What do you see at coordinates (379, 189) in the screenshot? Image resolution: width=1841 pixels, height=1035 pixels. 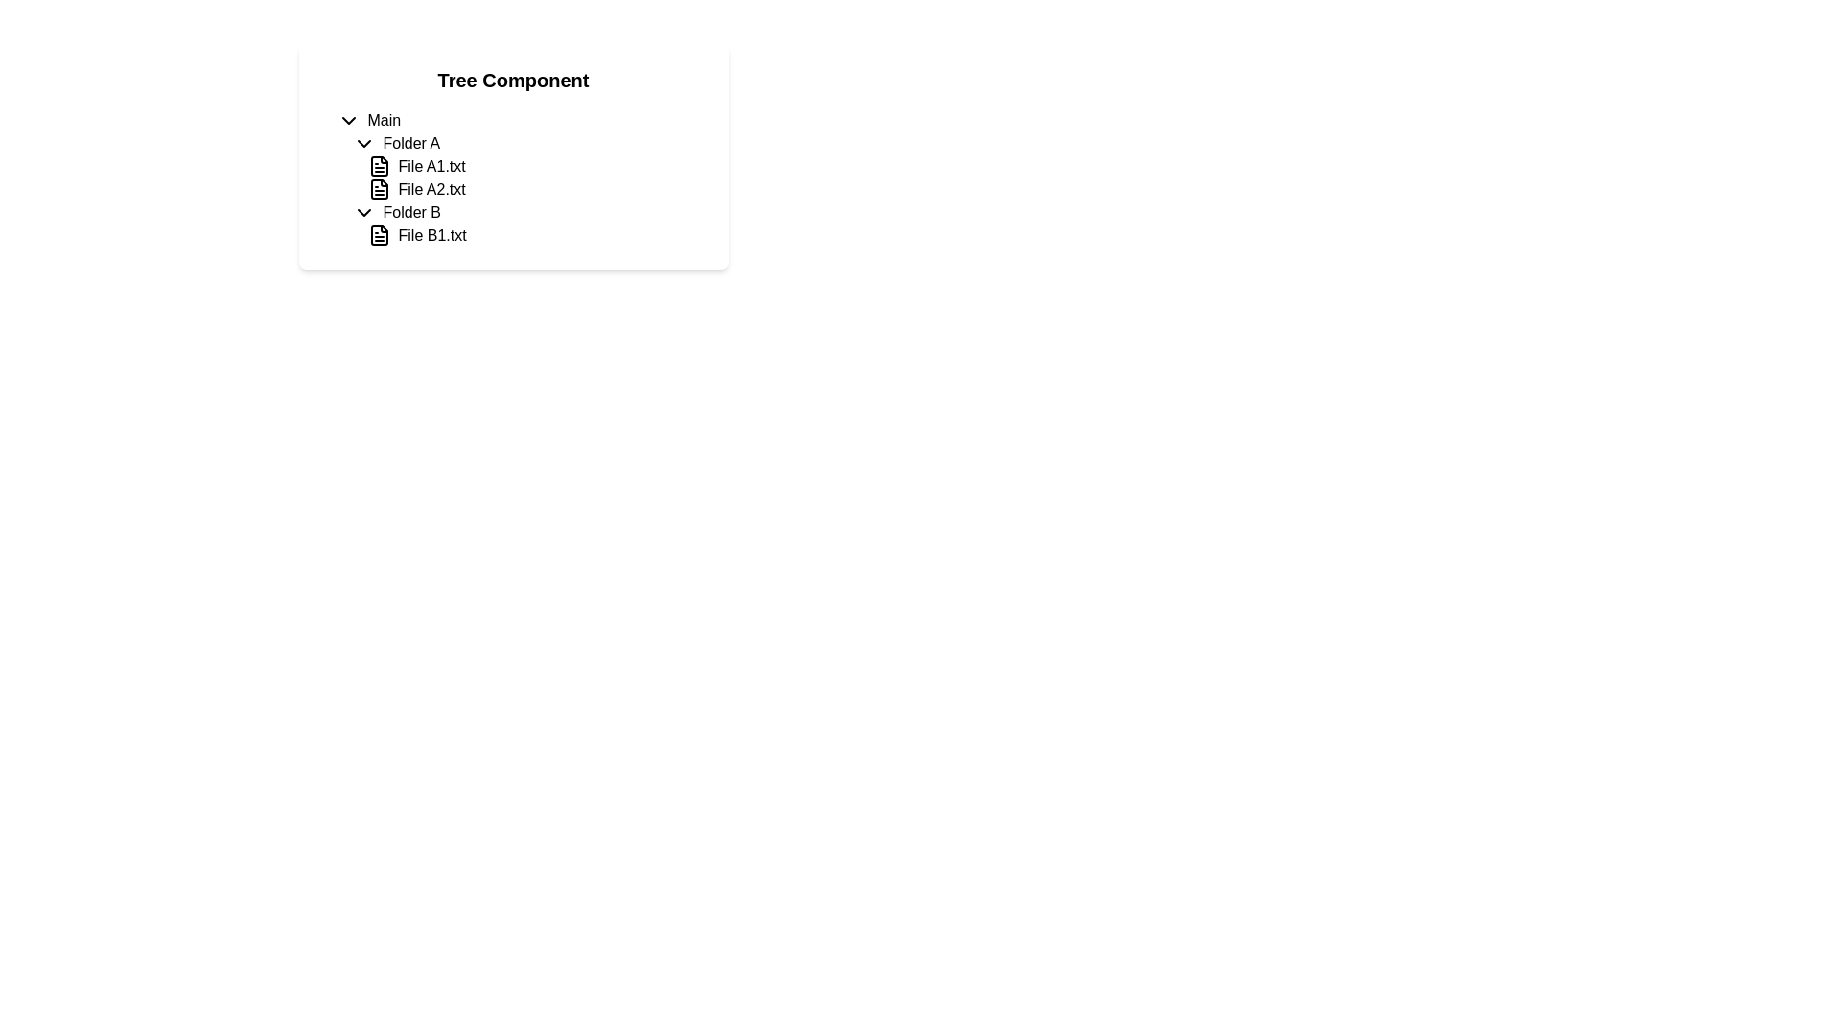 I see `the document icon resembling a page with a folded corner next to the label 'File A2.txt' in the hierarchical tree structure` at bounding box center [379, 189].